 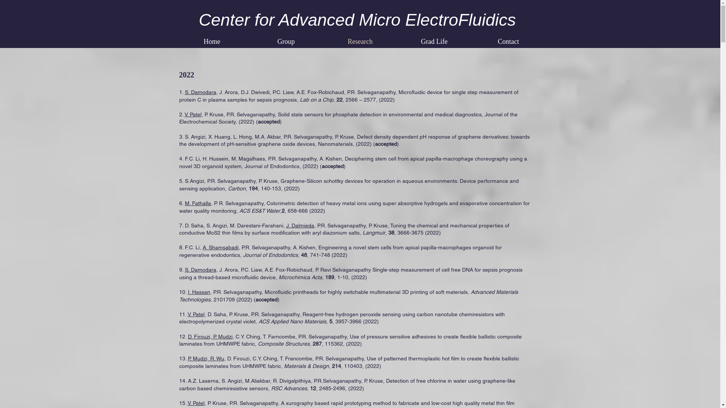 What do you see at coordinates (285, 42) in the screenshot?
I see `'Group'` at bounding box center [285, 42].